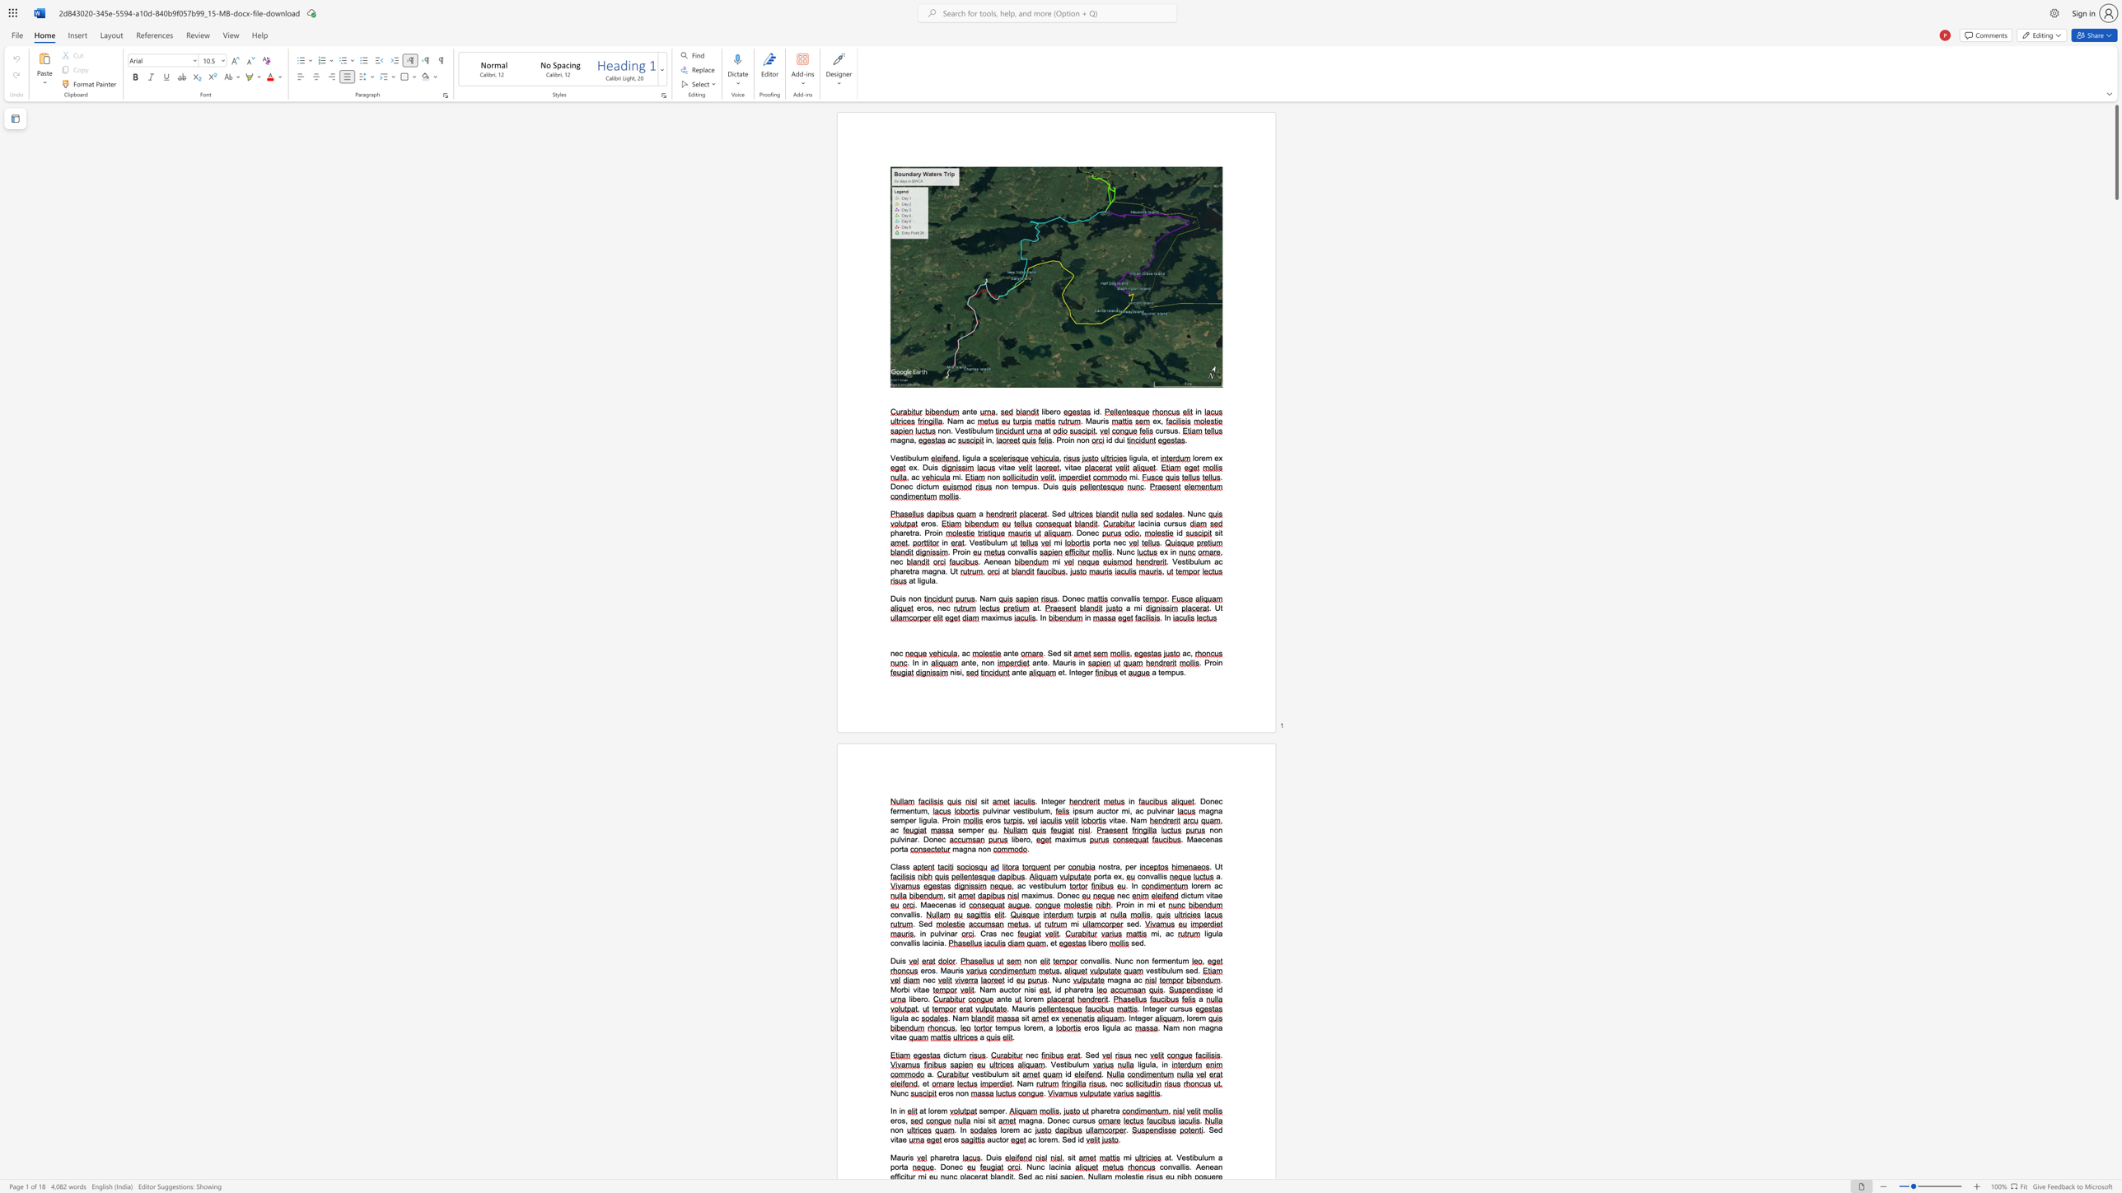 This screenshot has height=1193, width=2122. I want to click on the 1th character "." in the text, so click(1204, 1129).